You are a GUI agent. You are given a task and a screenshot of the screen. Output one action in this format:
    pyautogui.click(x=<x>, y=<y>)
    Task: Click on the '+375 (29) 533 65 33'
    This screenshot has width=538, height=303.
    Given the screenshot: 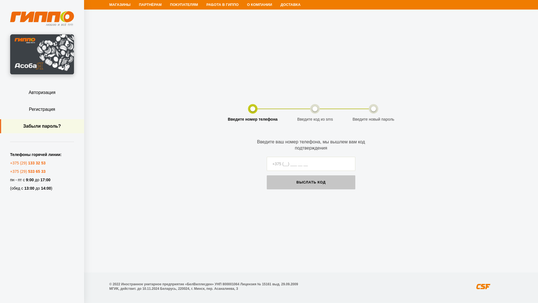 What is the action you would take?
    pyautogui.click(x=27, y=171)
    